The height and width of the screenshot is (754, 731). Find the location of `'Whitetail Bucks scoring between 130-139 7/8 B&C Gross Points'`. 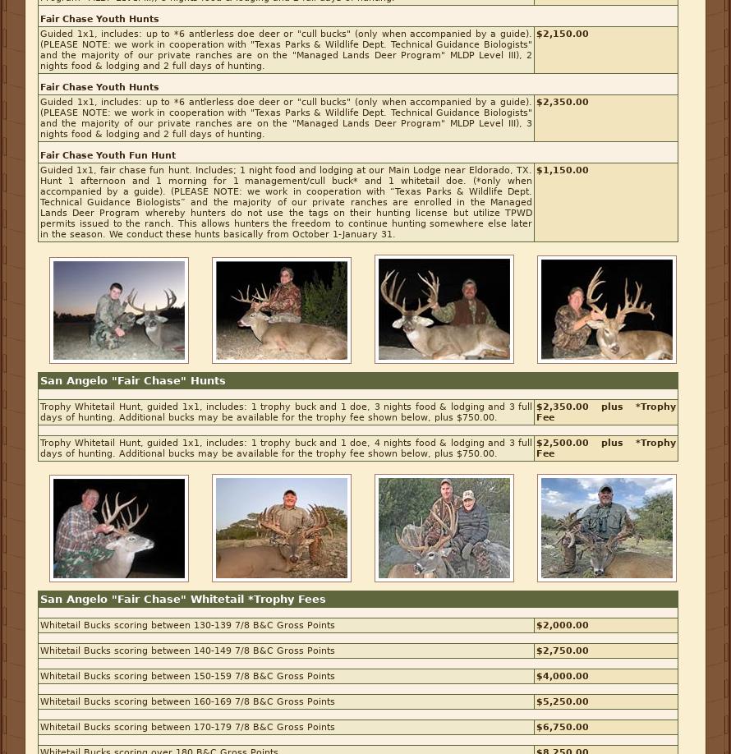

'Whitetail Bucks scoring between 130-139 7/8 B&C Gross Points' is located at coordinates (40, 624).